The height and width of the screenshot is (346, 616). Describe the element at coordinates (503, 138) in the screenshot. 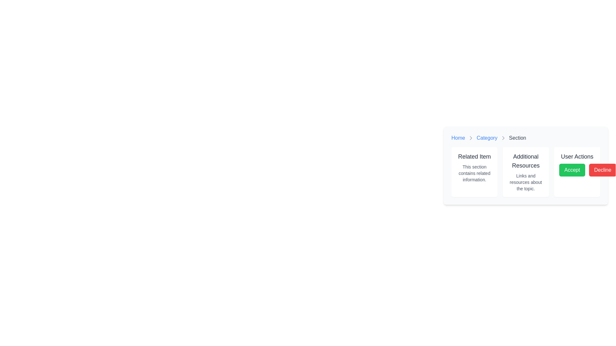

I see `the rightward-pointing chevron icon, which is a small triangular-shaped element with a thin gray stroke, located in the breadcrumb navigation trail between the 'Category' link and the 'Section' label` at that location.